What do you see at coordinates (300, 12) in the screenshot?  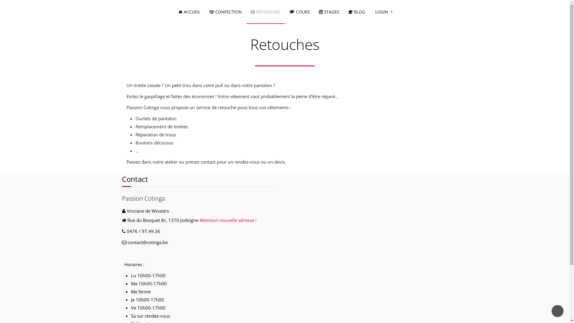 I see `'COURS'` at bounding box center [300, 12].